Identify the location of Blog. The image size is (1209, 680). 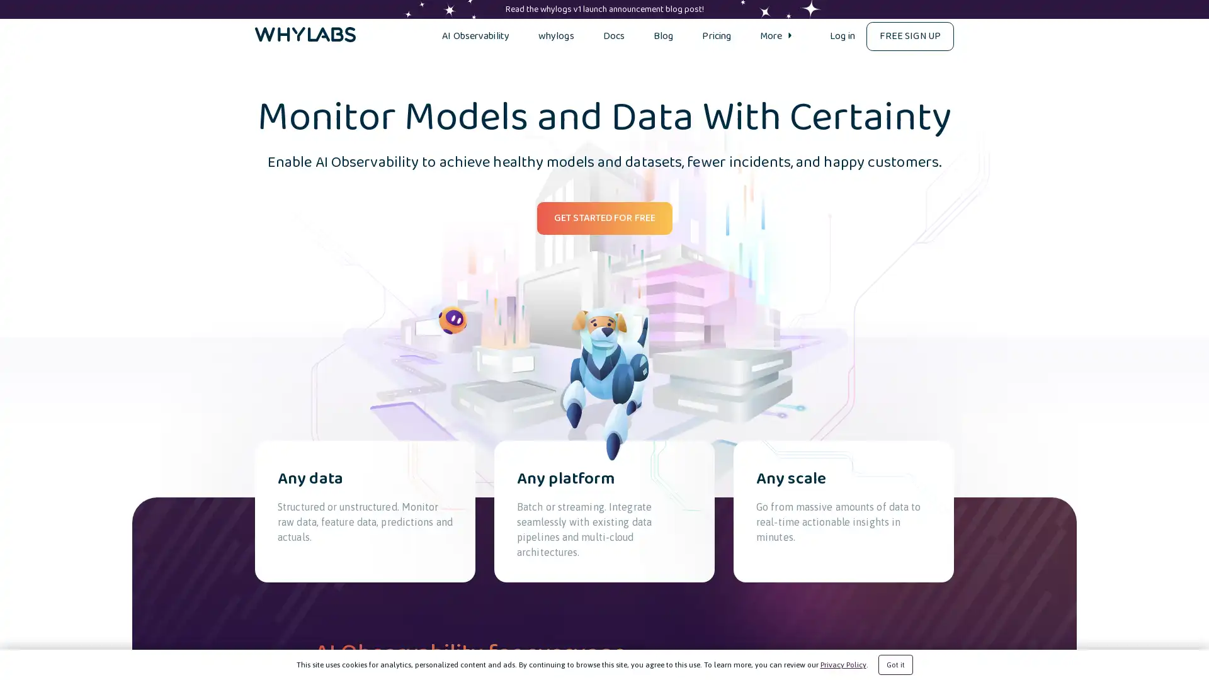
(662, 35).